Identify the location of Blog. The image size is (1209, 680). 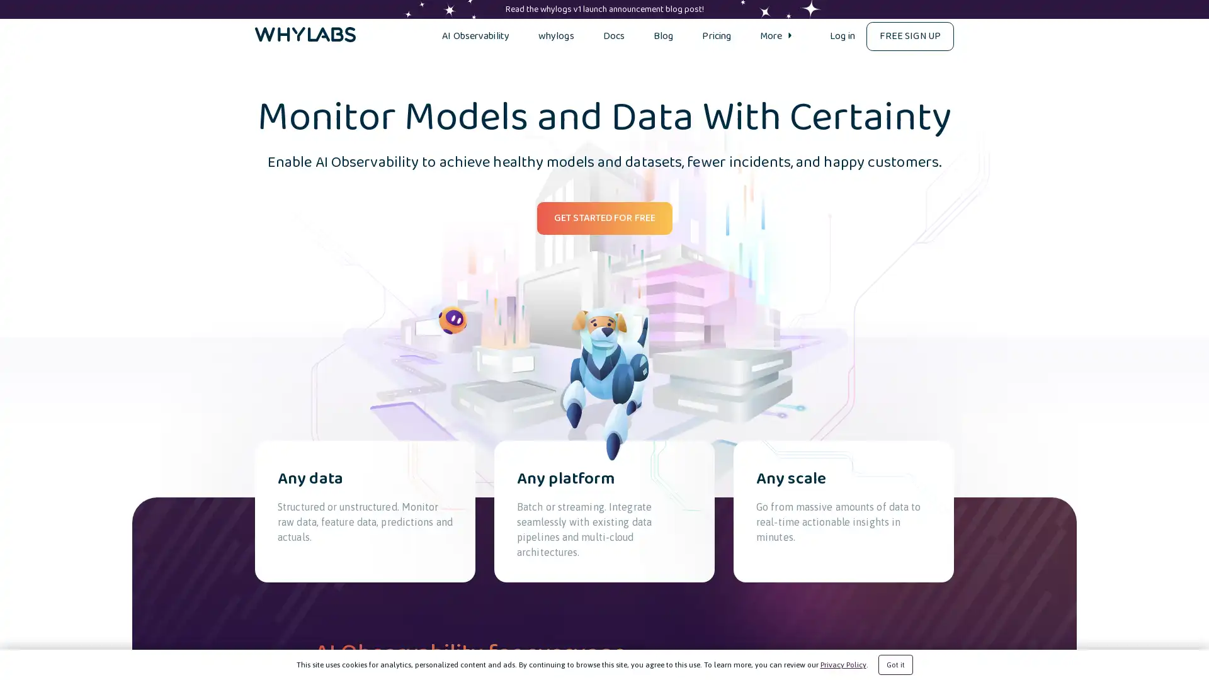
(662, 35).